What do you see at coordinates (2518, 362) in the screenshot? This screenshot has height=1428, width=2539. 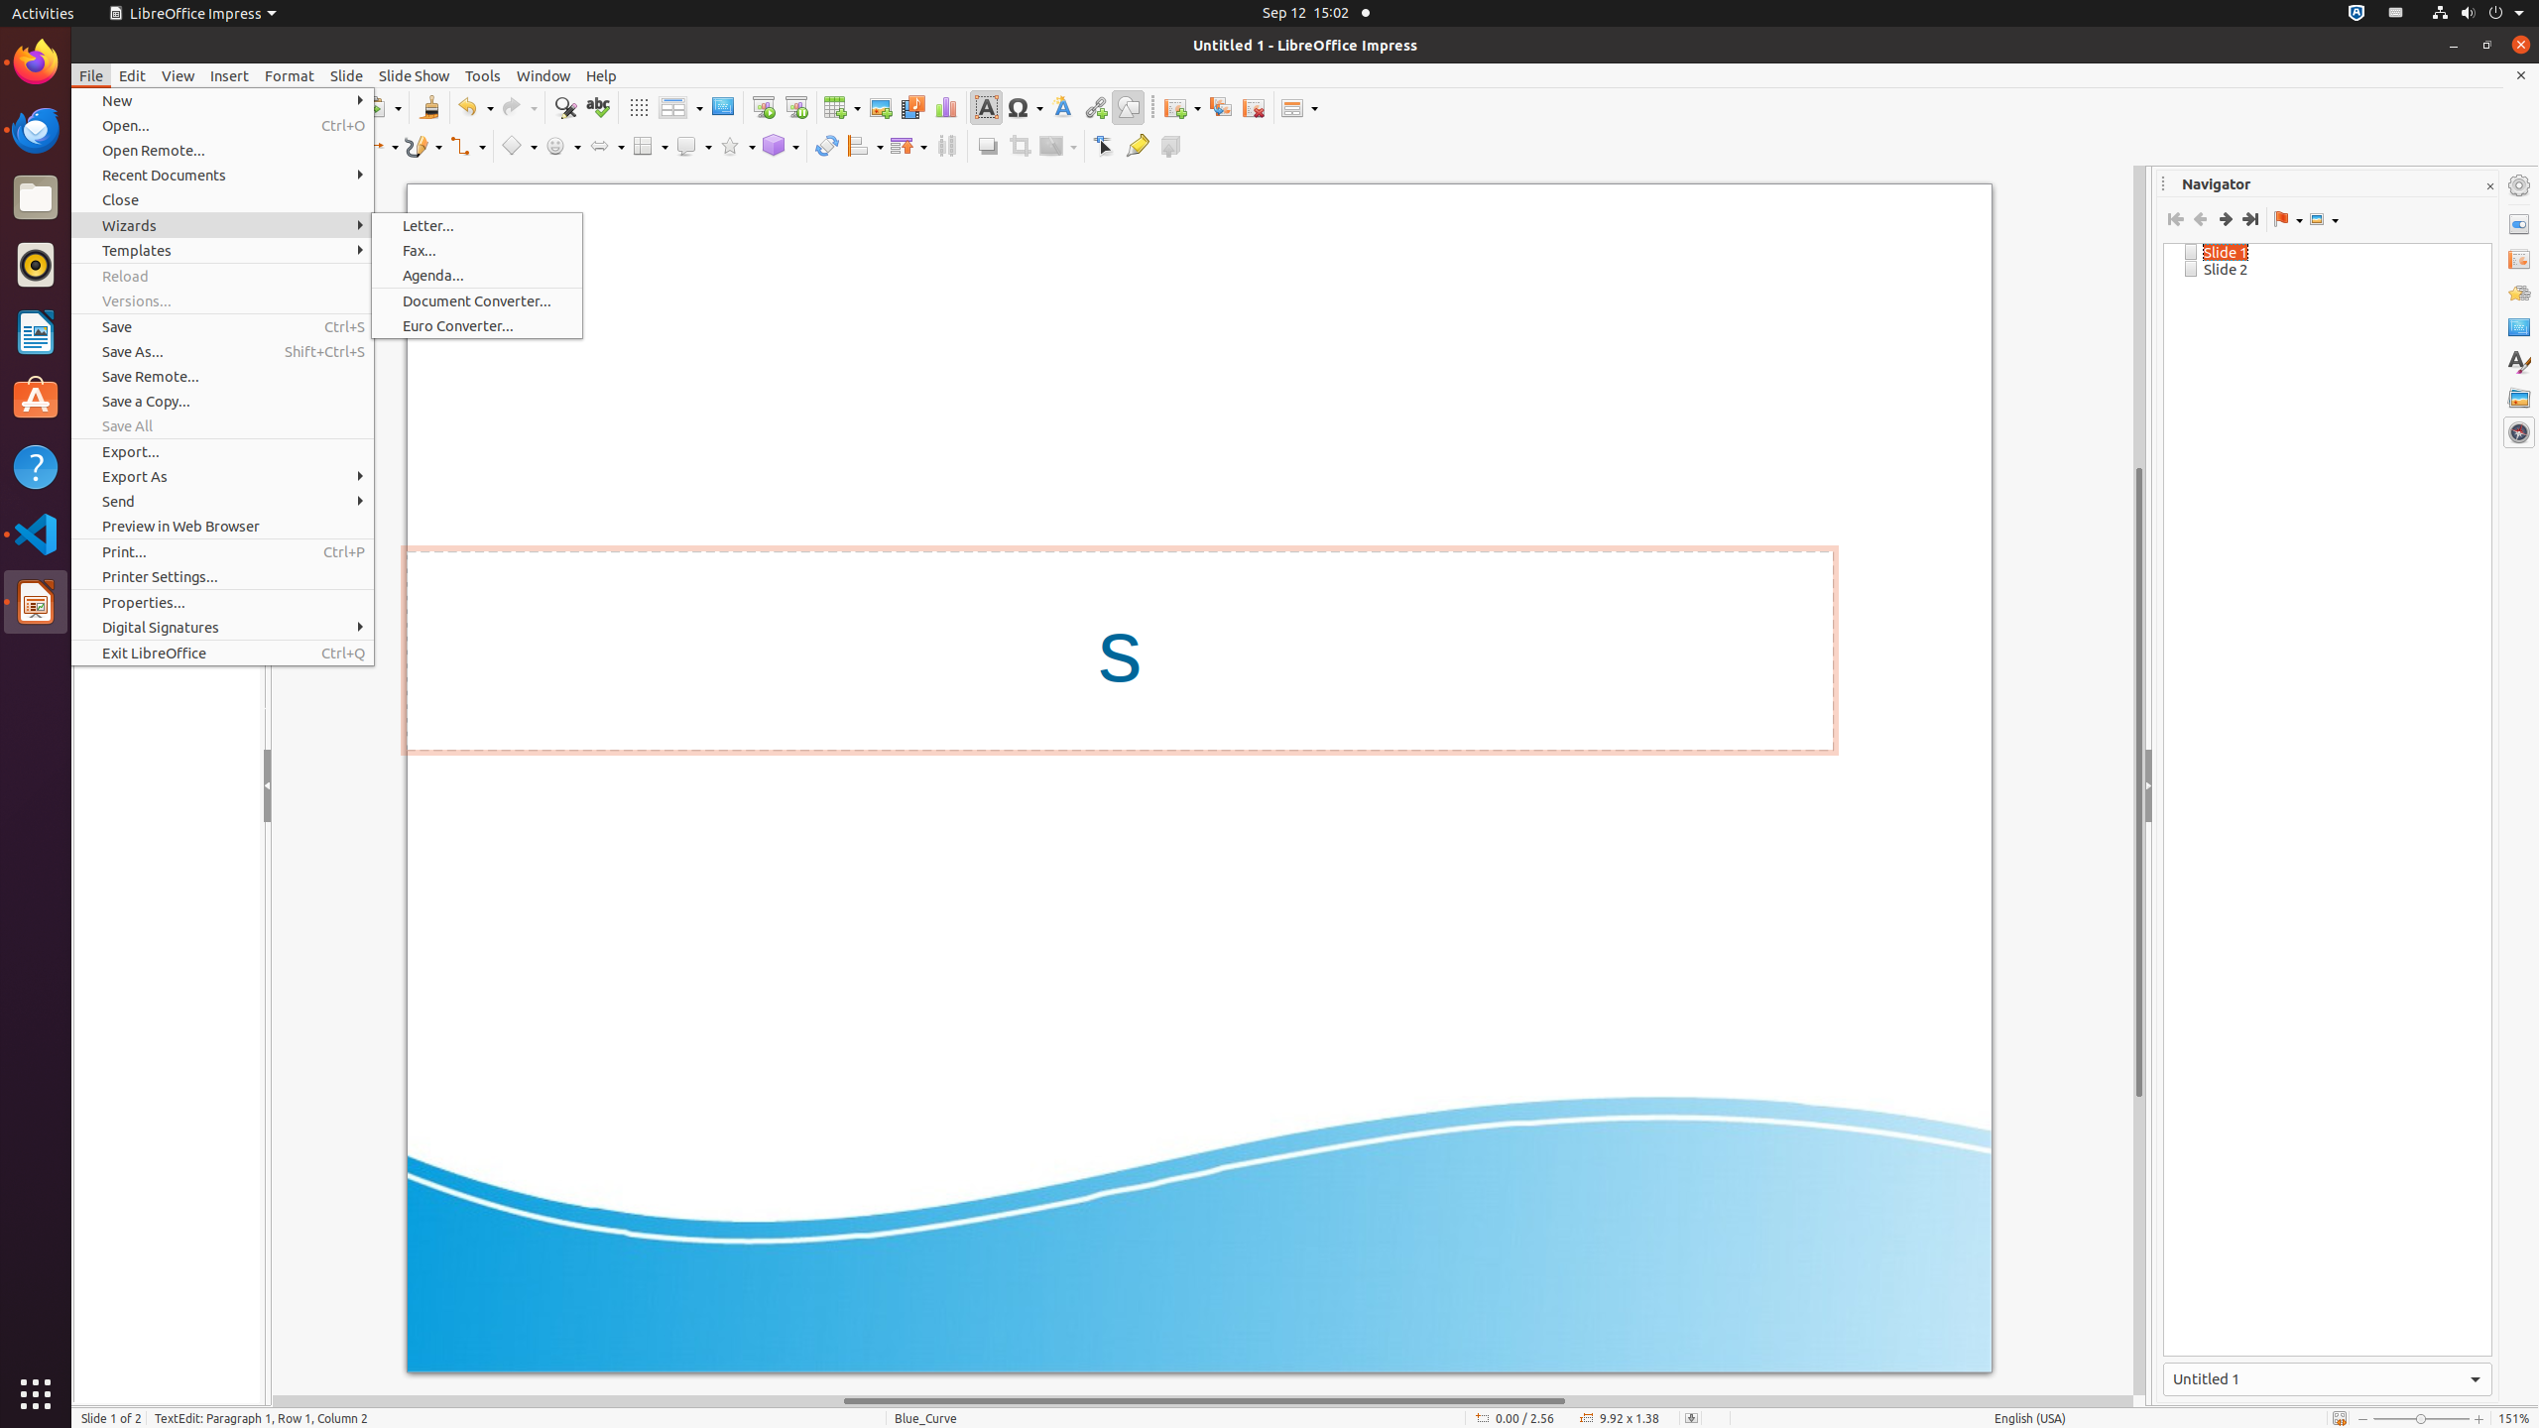 I see `'Styles'` at bounding box center [2518, 362].